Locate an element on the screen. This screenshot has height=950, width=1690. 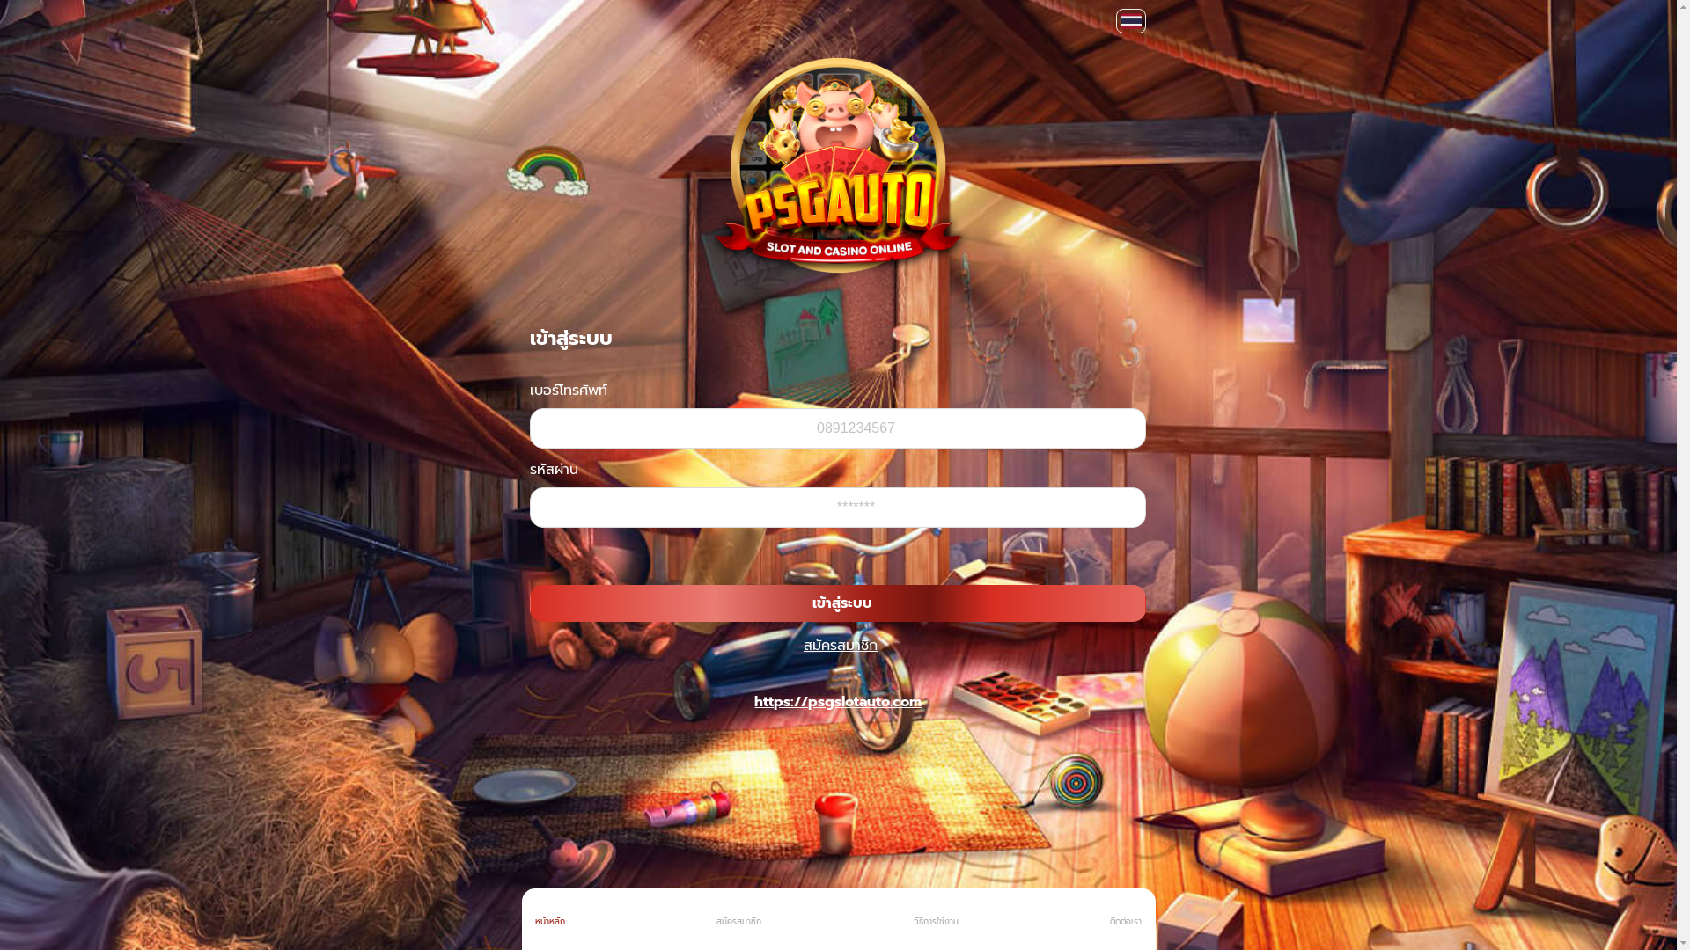
'https://psgslotauto.com' is located at coordinates (754, 701).